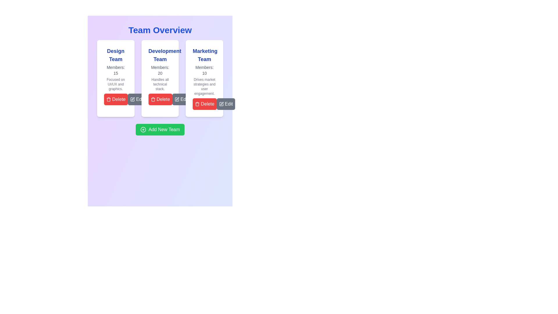  What do you see at coordinates (132, 99) in the screenshot?
I see `the square-shaped icon with a pen symbol inside, located within the Edit button of the Development Team card` at bounding box center [132, 99].